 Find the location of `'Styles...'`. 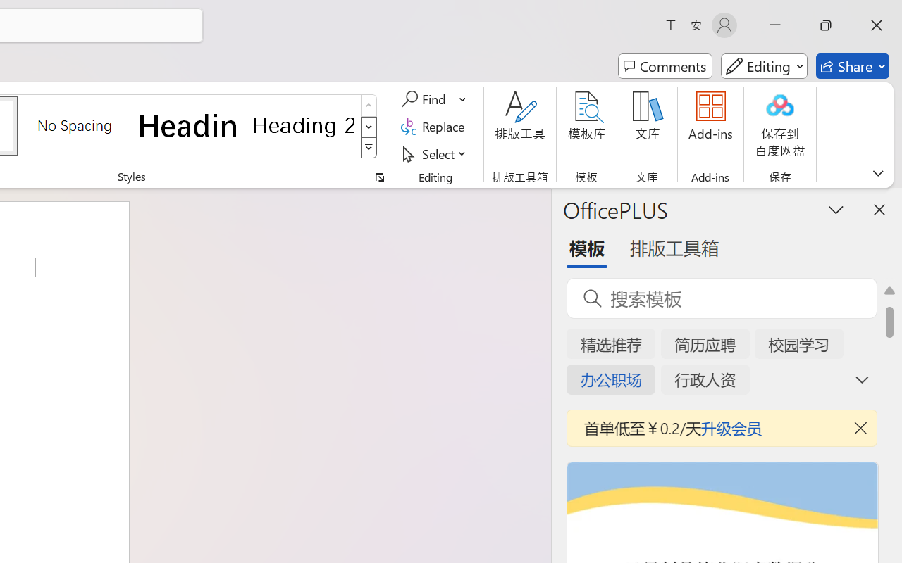

'Styles...' is located at coordinates (379, 177).